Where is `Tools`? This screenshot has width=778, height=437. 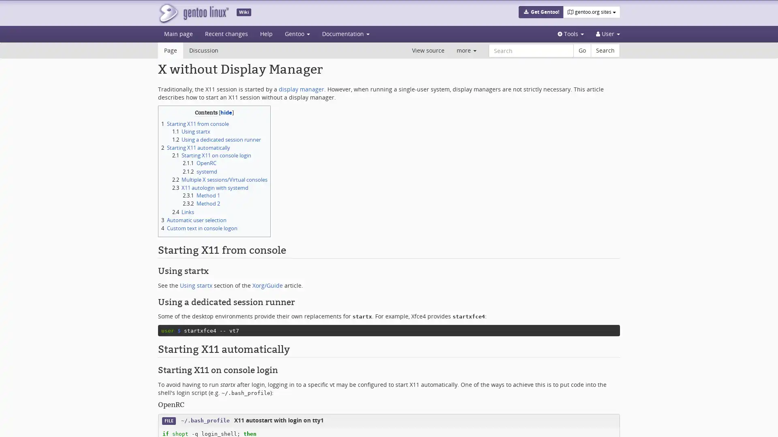
Tools is located at coordinates (570, 34).